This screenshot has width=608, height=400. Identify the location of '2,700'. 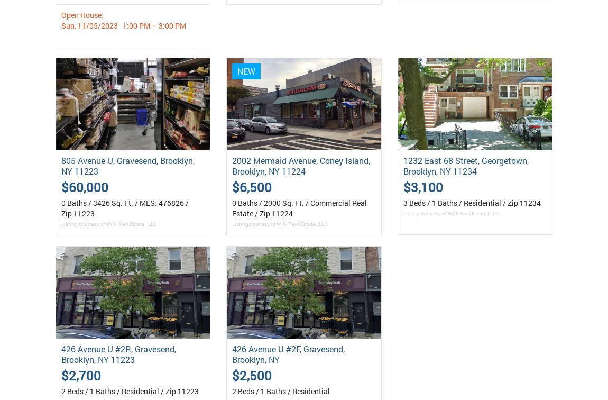
(84, 375).